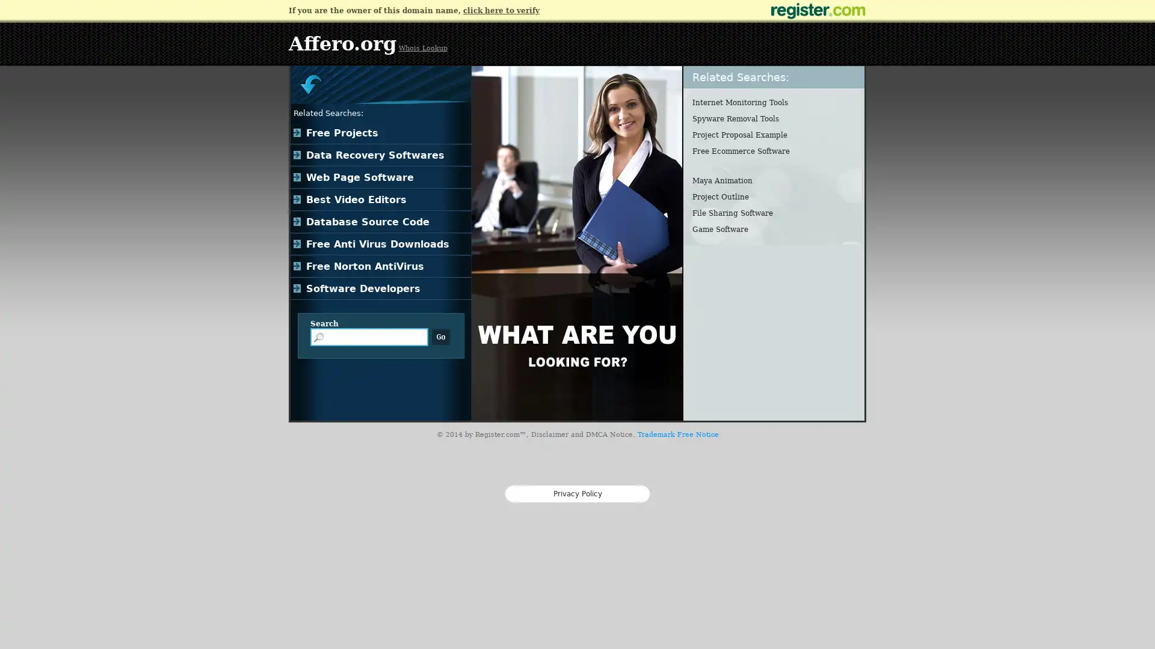  I want to click on Go, so click(440, 337).